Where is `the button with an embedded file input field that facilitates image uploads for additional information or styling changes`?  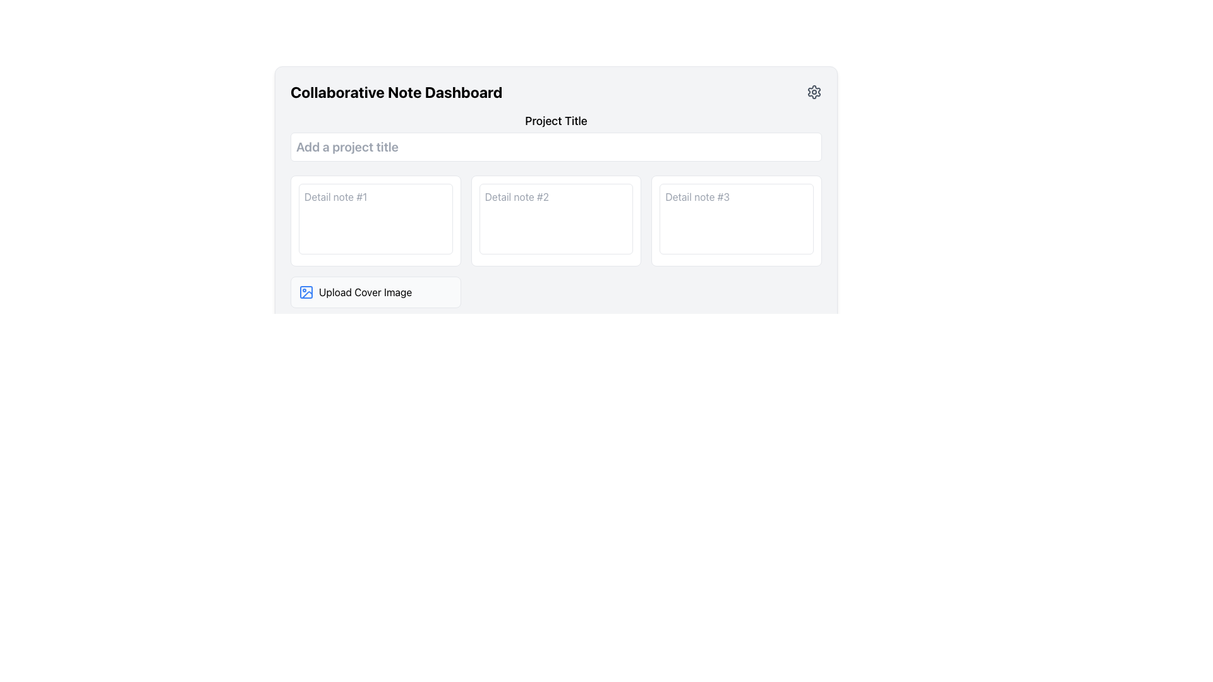
the button with an embedded file input field that facilitates image uploads for additional information or styling changes is located at coordinates (375, 292).